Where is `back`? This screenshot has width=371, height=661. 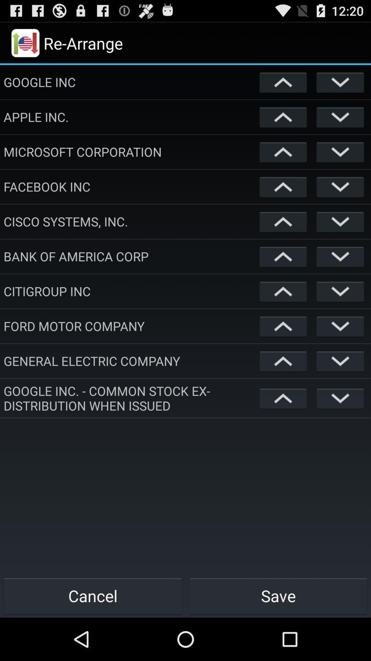 back is located at coordinates (340, 82).